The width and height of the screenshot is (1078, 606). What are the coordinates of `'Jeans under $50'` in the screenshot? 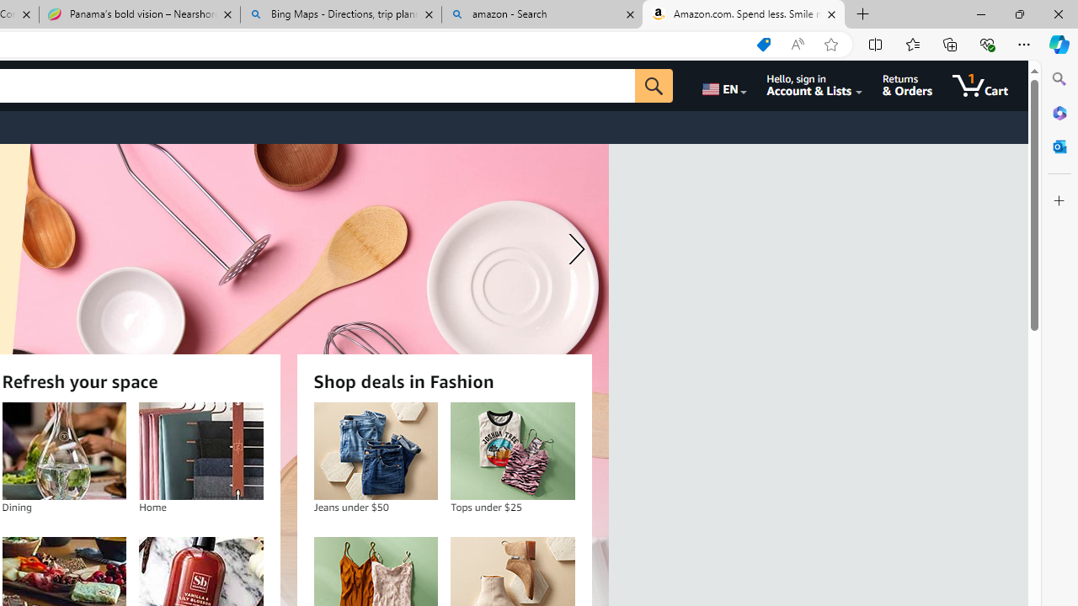 It's located at (375, 450).